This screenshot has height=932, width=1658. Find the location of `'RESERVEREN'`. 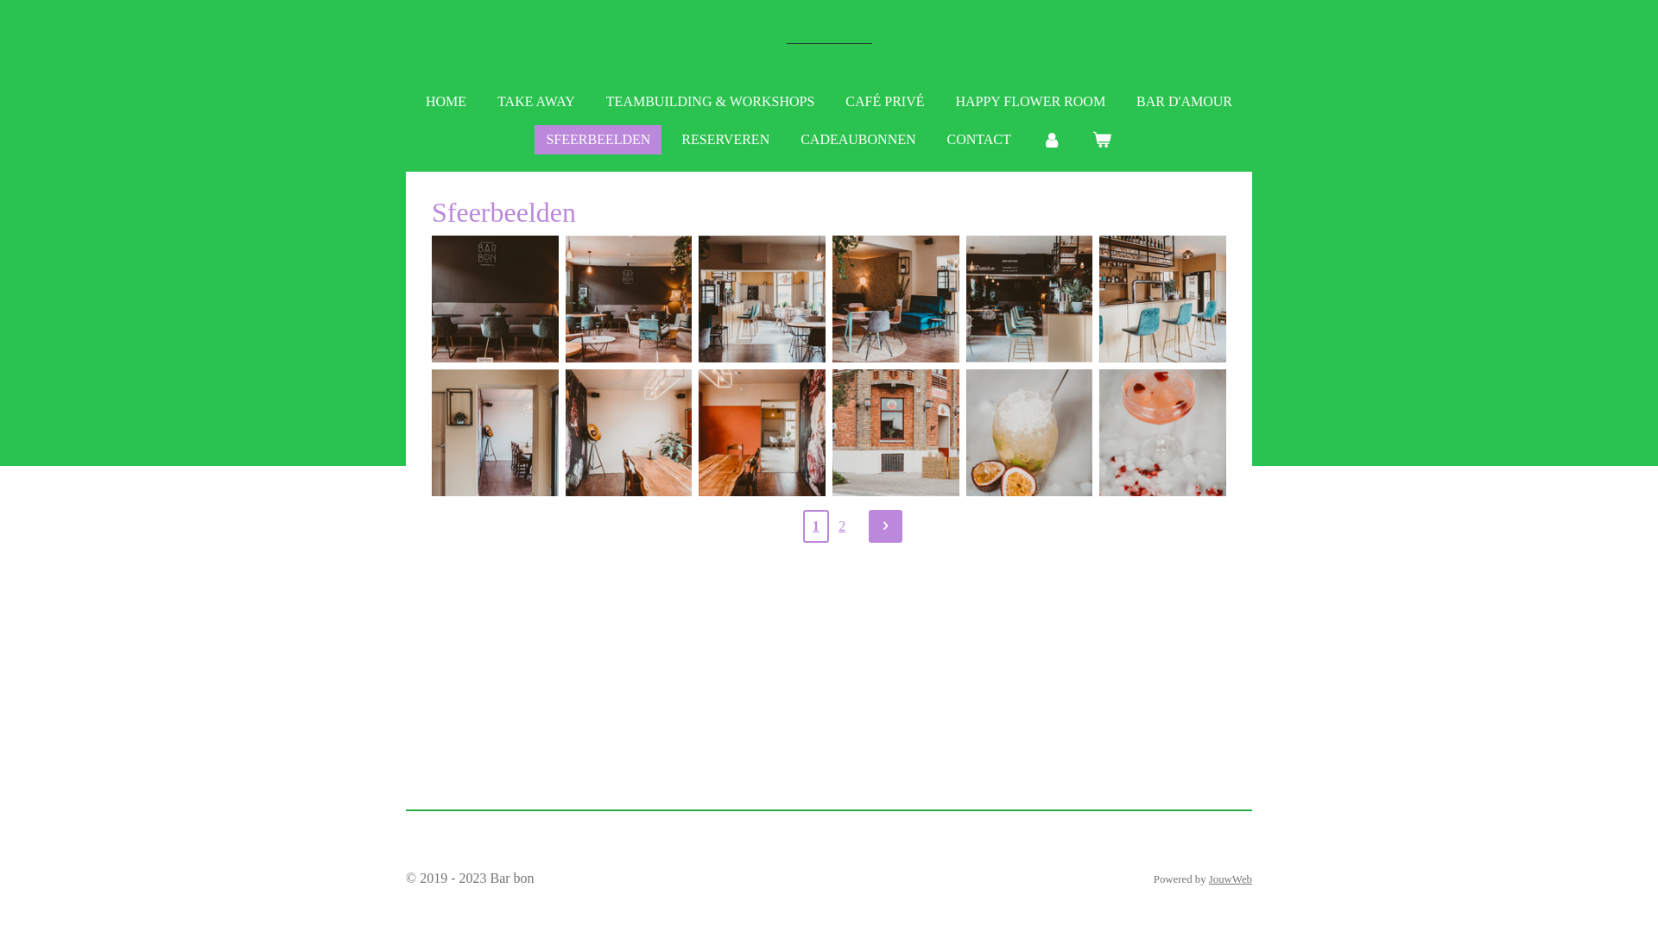

'RESERVEREN' is located at coordinates (725, 139).